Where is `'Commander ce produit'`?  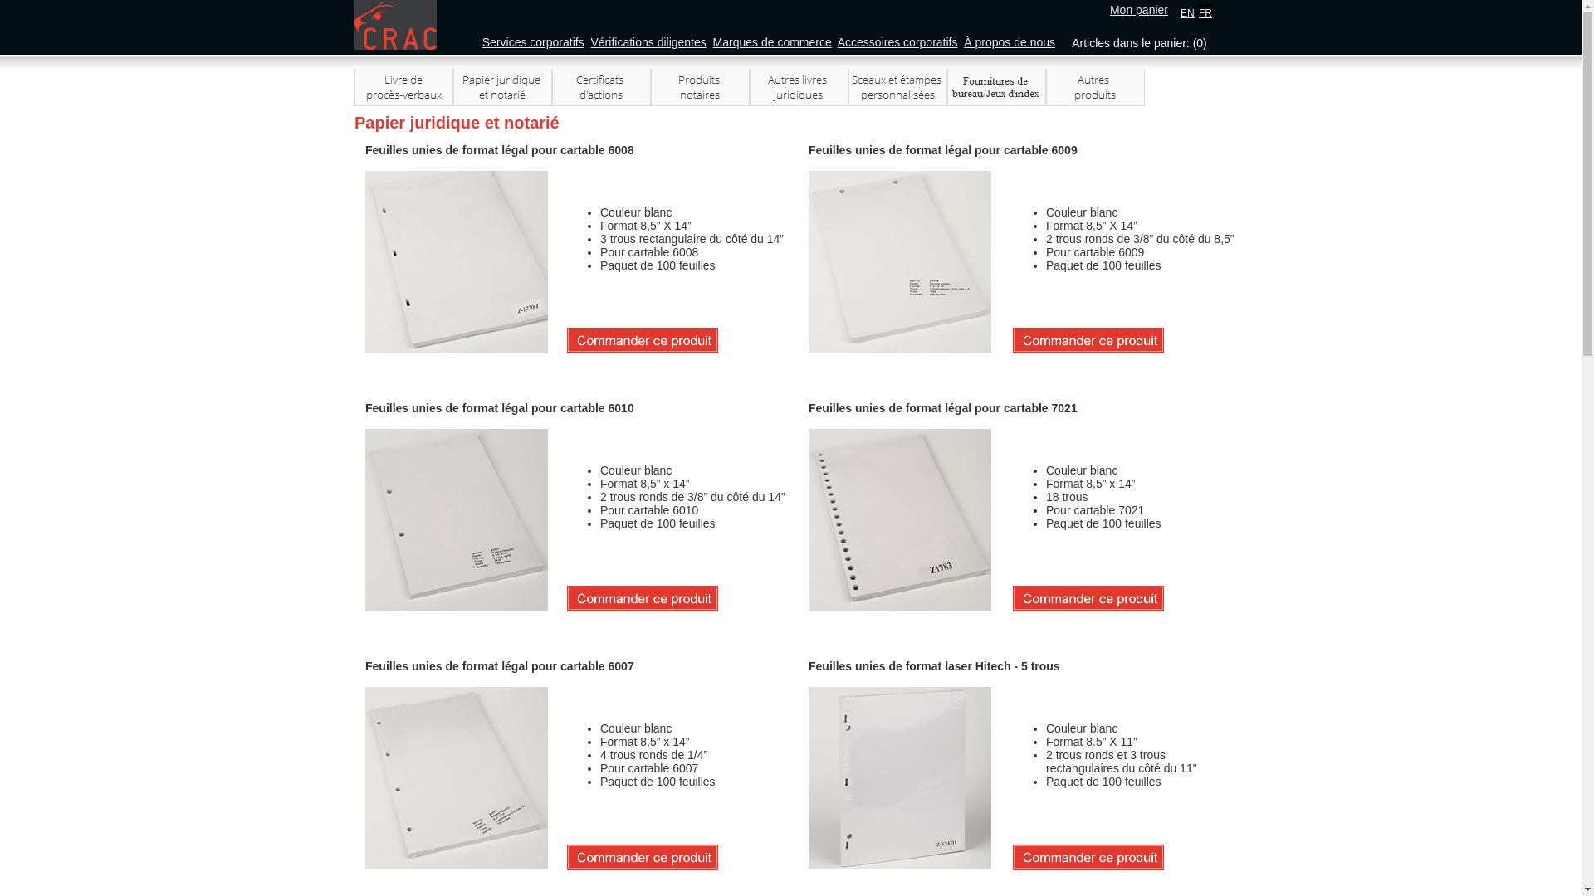
'Commander ce produit' is located at coordinates (641, 598).